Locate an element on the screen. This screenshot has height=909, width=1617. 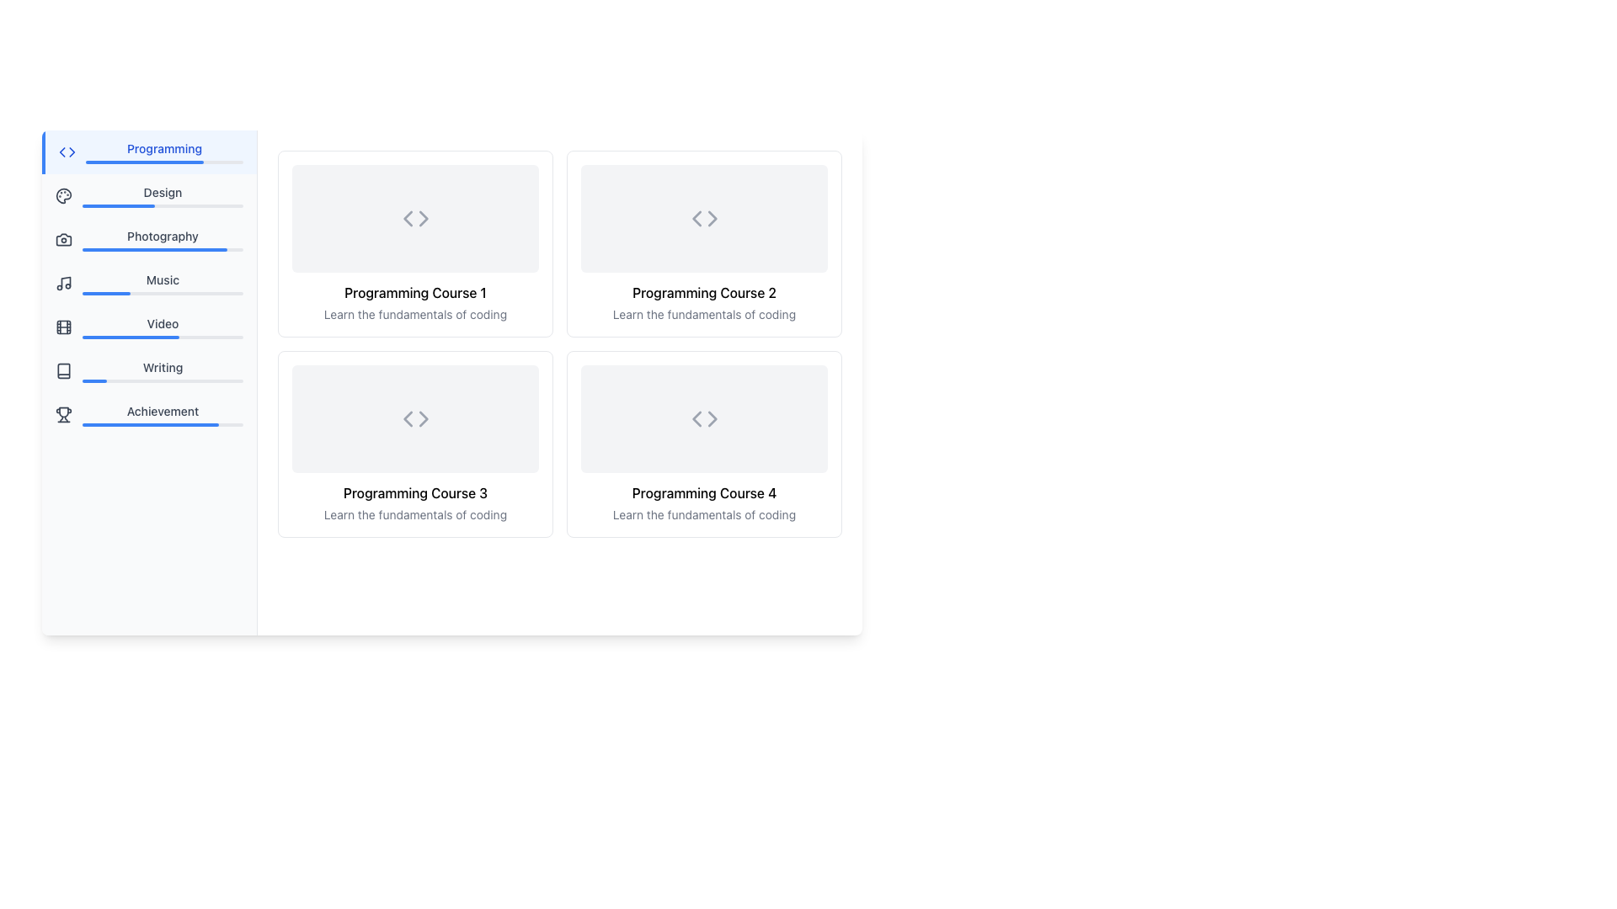
the camera icon, which is part of the vertical navigation menu on the left side is located at coordinates (64, 240).